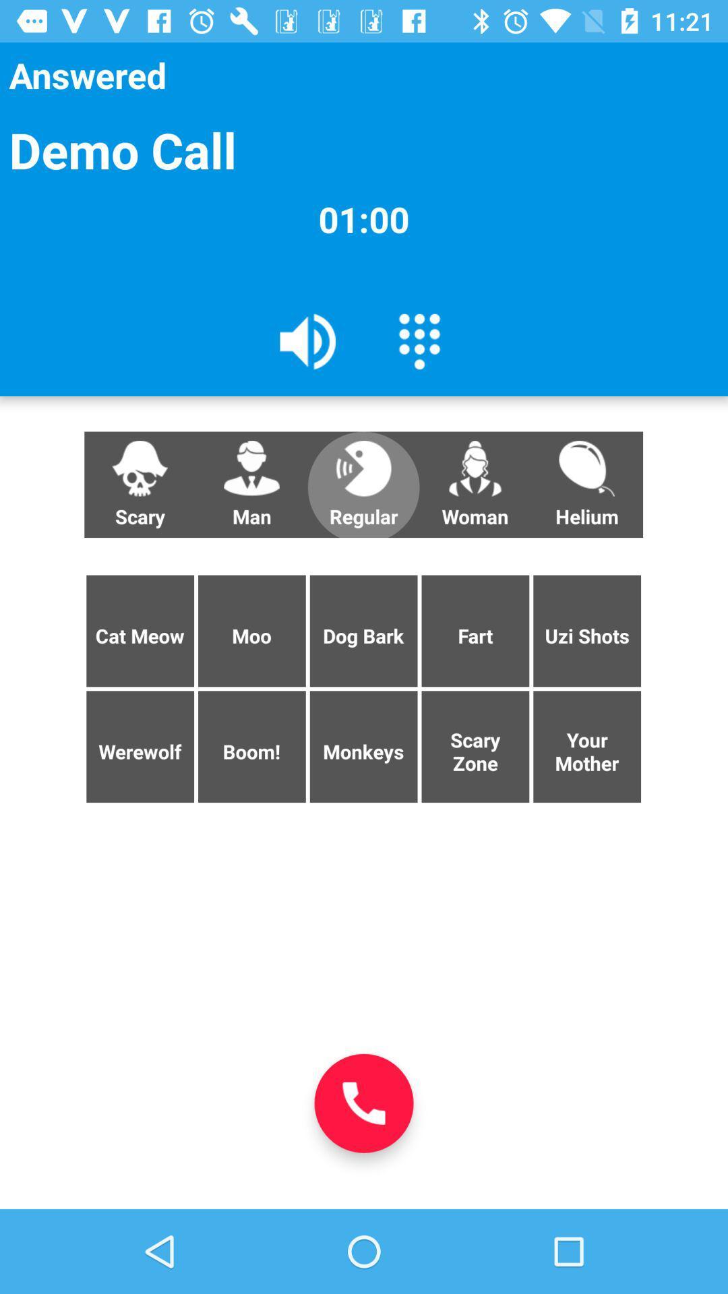 This screenshot has height=1294, width=728. I want to click on the item below the 01:00 icon, so click(308, 340).